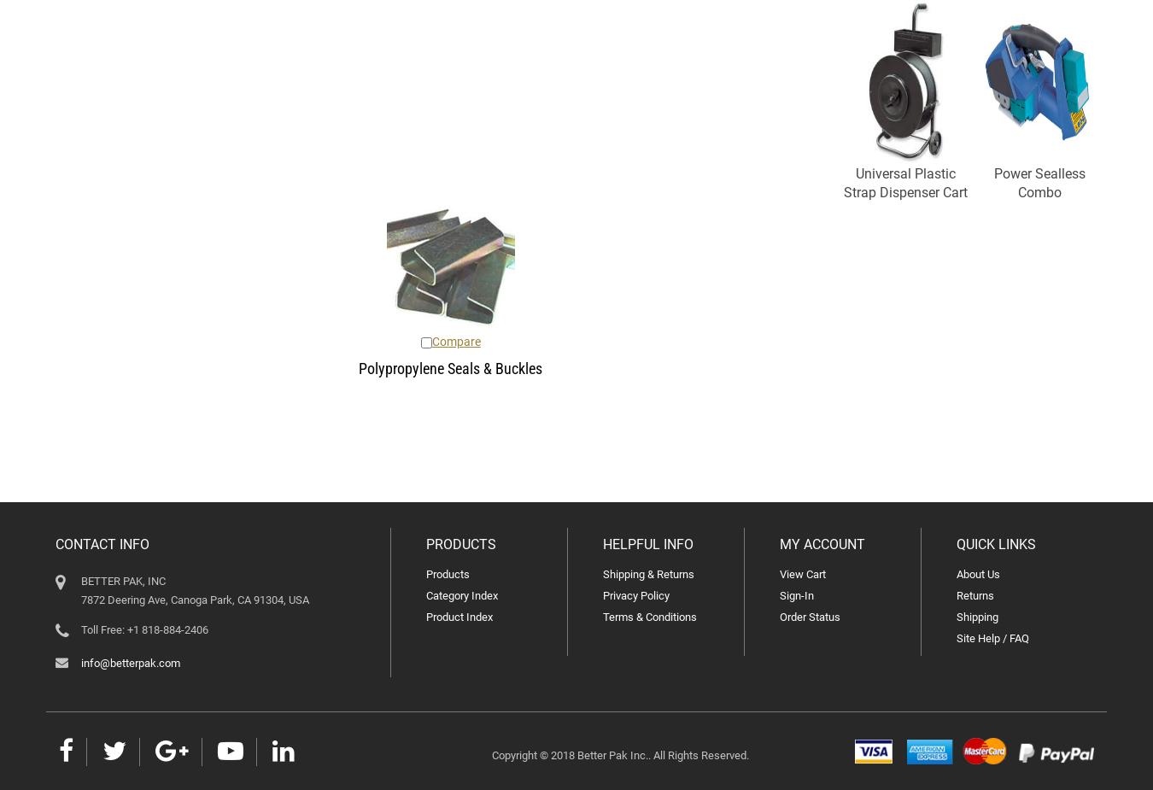 The image size is (1153, 790). What do you see at coordinates (648, 617) in the screenshot?
I see `'Terms & Conditions'` at bounding box center [648, 617].